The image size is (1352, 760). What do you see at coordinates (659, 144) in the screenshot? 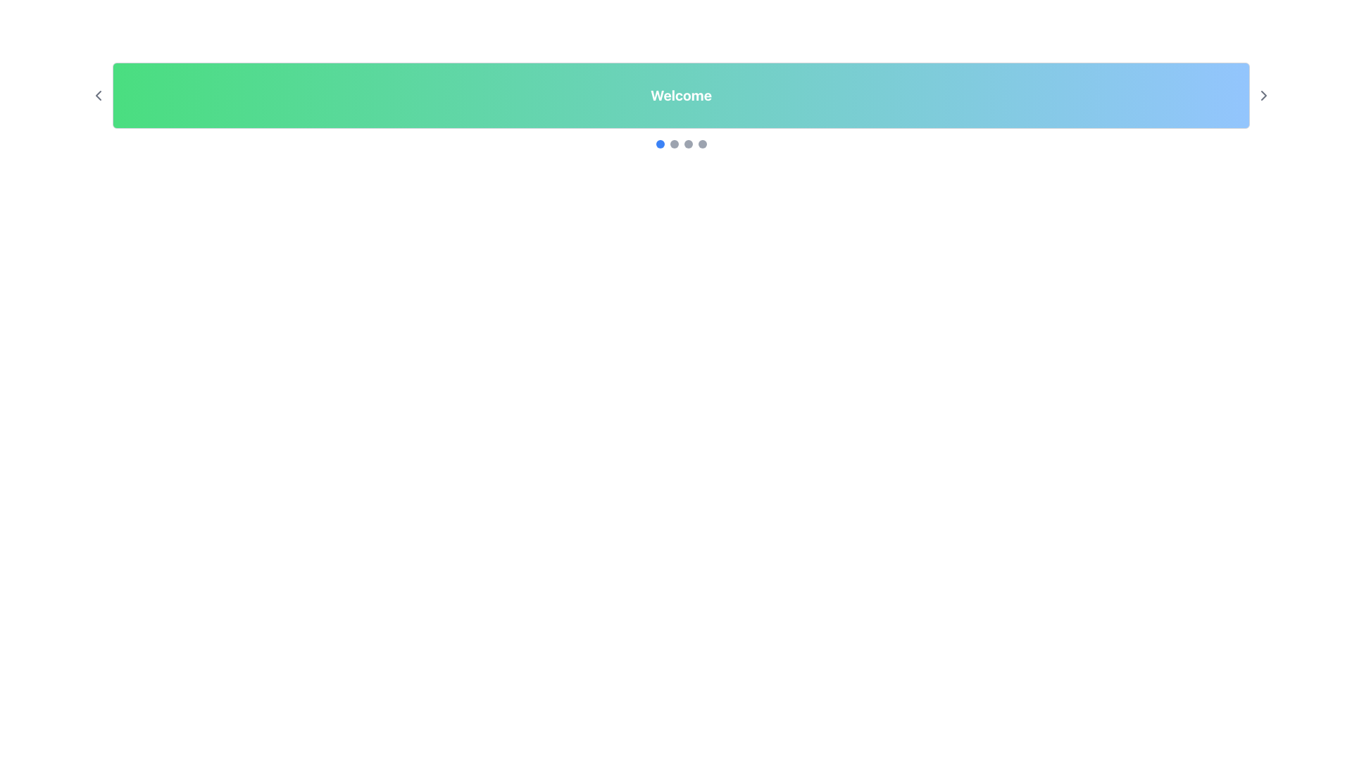
I see `the blue circular Indicator element located beneath the 'Welcome' header` at bounding box center [659, 144].